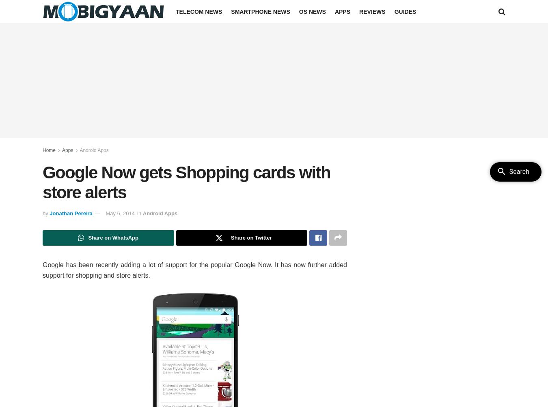 The height and width of the screenshot is (407, 548). I want to click on 'Home', so click(42, 150).